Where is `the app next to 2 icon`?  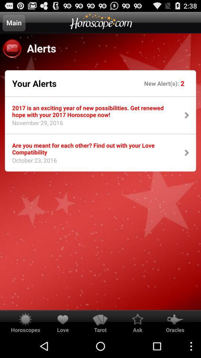
the app next to 2 icon is located at coordinates (162, 83).